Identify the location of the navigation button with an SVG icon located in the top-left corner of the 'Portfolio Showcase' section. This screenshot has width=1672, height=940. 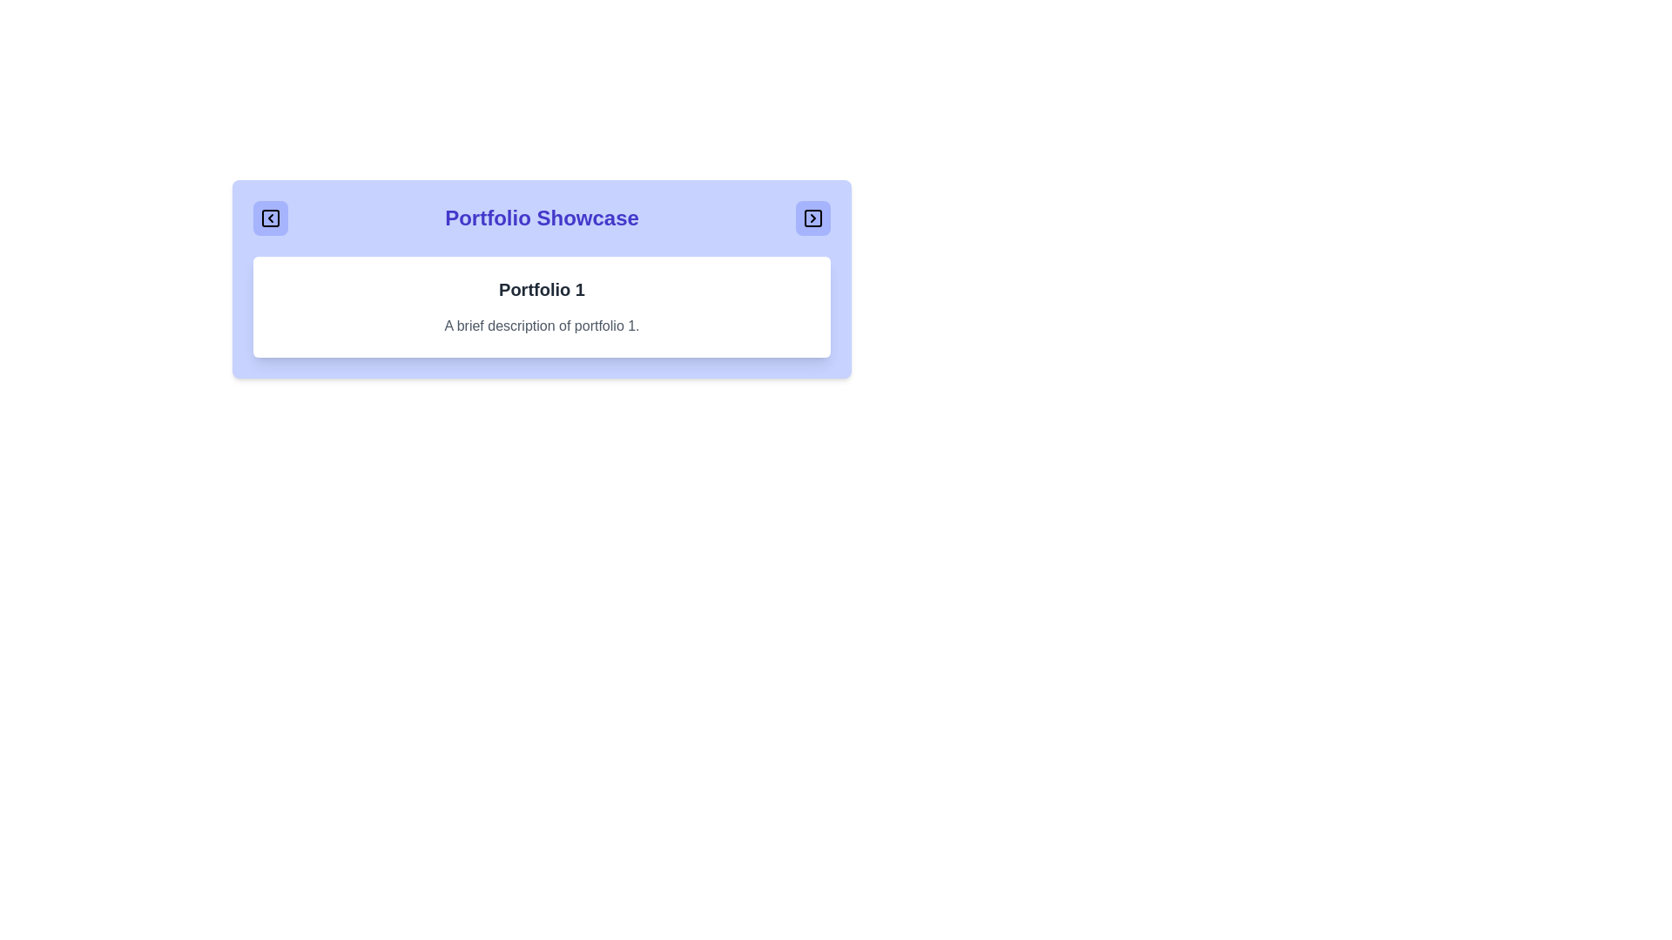
(270, 217).